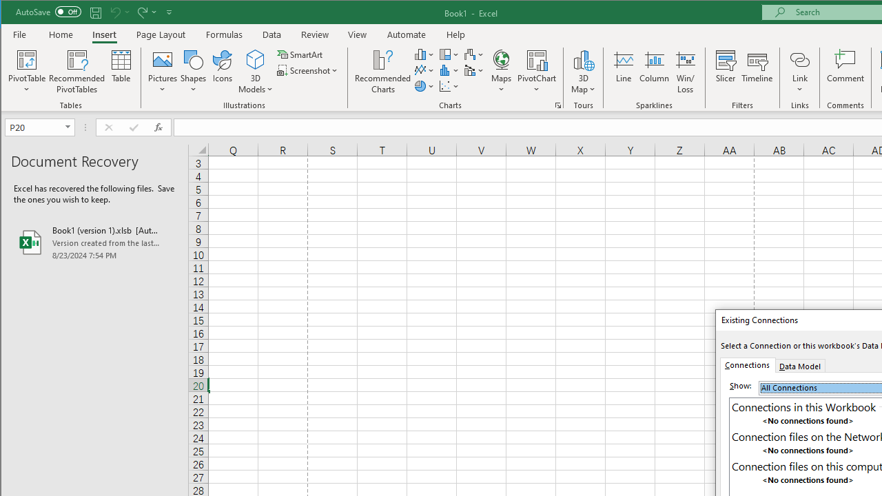 The width and height of the screenshot is (882, 496). I want to click on 'Insert Hierarchy Chart', so click(449, 54).